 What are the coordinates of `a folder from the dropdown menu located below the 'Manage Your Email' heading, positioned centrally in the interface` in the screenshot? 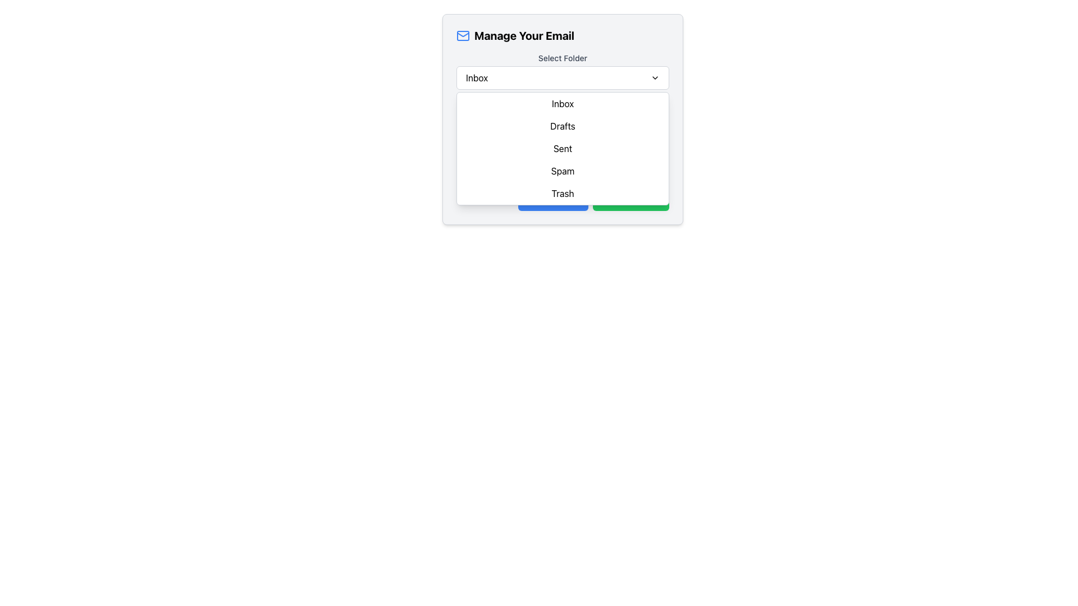 It's located at (563, 71).